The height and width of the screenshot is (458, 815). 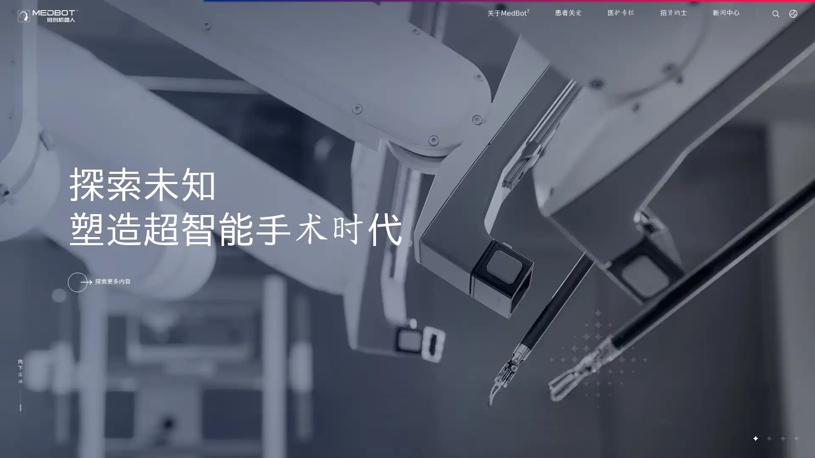 What do you see at coordinates (782, 438) in the screenshot?
I see `Go to slide 3` at bounding box center [782, 438].